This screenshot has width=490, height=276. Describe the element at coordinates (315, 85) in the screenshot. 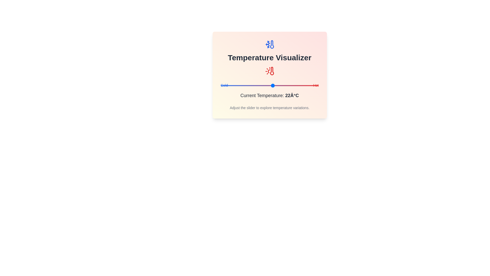

I see `the slider to set the temperature to 48°C` at that location.